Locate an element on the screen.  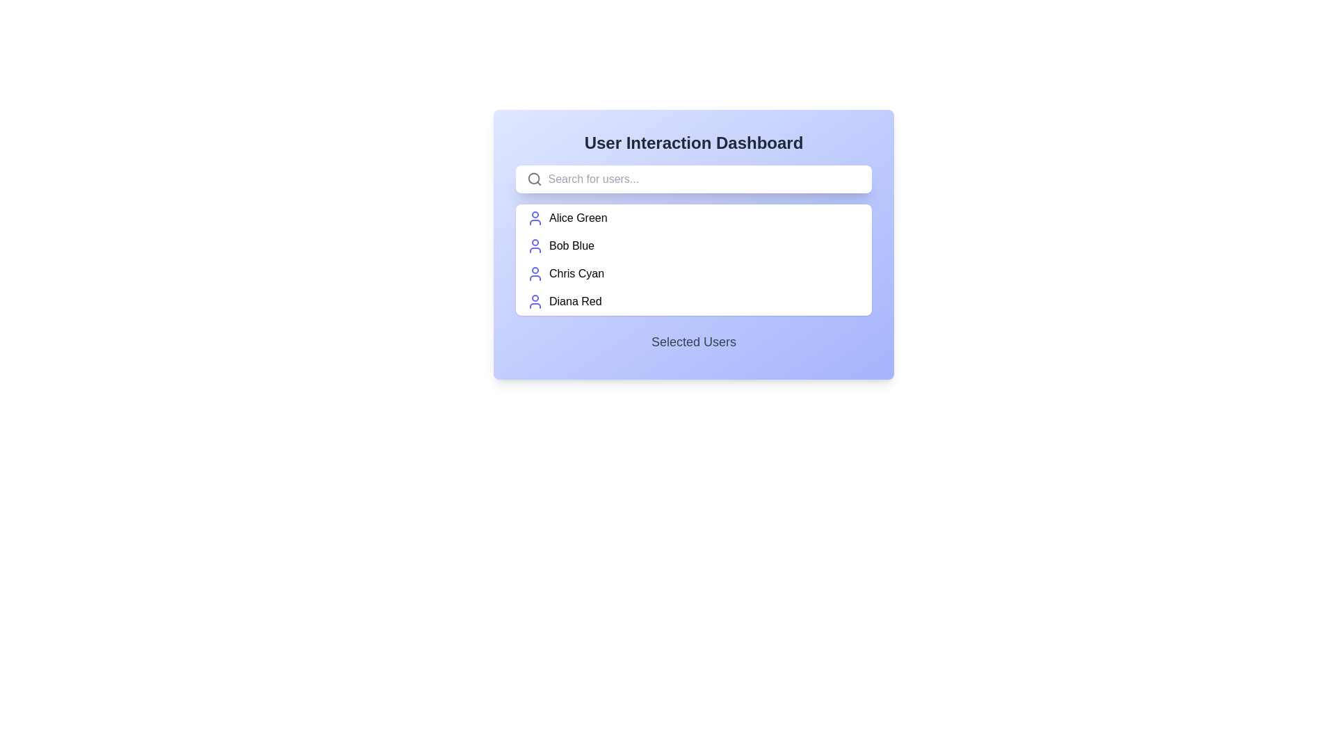
the selectable list item representing the user 'Bob Blue' is located at coordinates (694, 245).